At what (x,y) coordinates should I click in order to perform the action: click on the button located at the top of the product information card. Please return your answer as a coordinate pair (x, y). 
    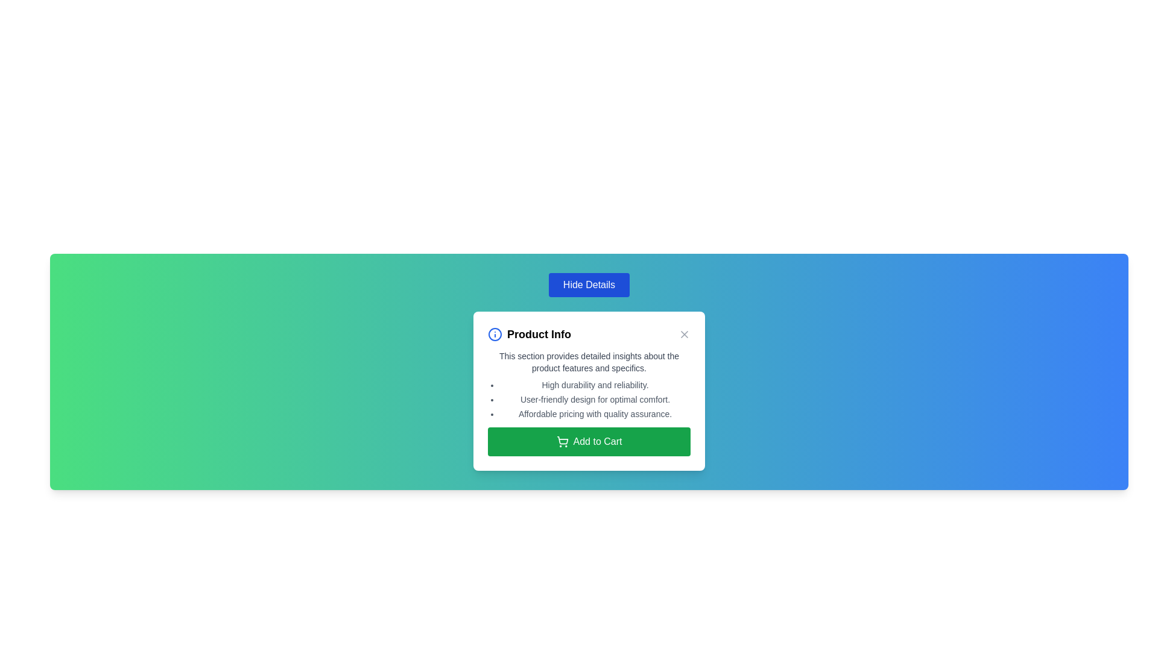
    Looking at the image, I should click on (589, 285).